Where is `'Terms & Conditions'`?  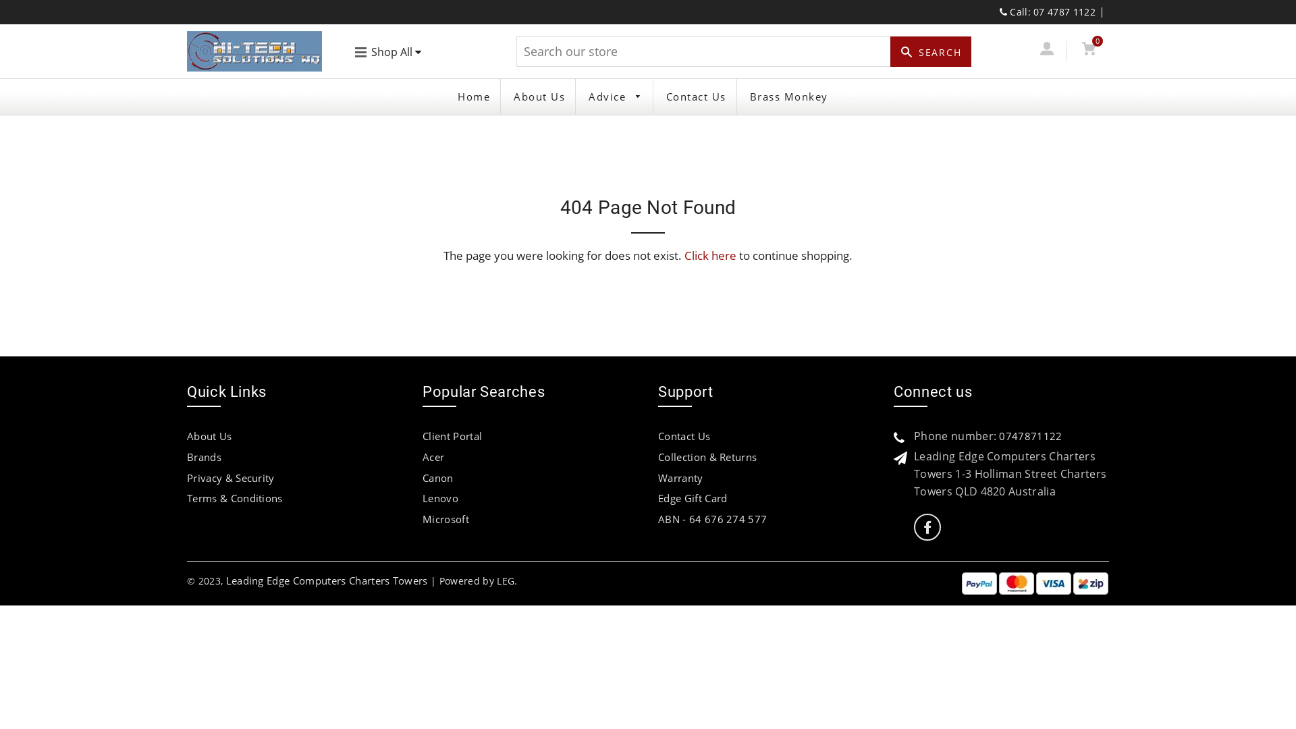
'Terms & Conditions' is located at coordinates (234, 497).